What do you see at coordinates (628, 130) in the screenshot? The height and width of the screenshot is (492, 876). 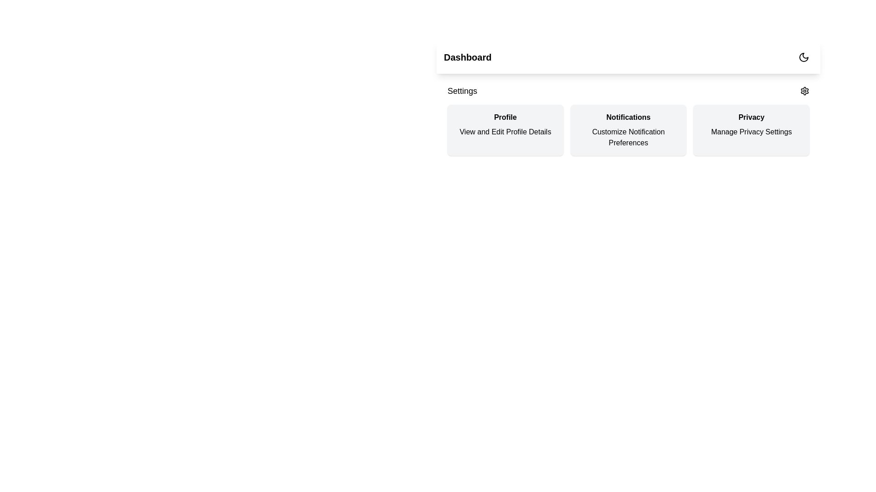 I see `the 'Notifications' card element` at bounding box center [628, 130].